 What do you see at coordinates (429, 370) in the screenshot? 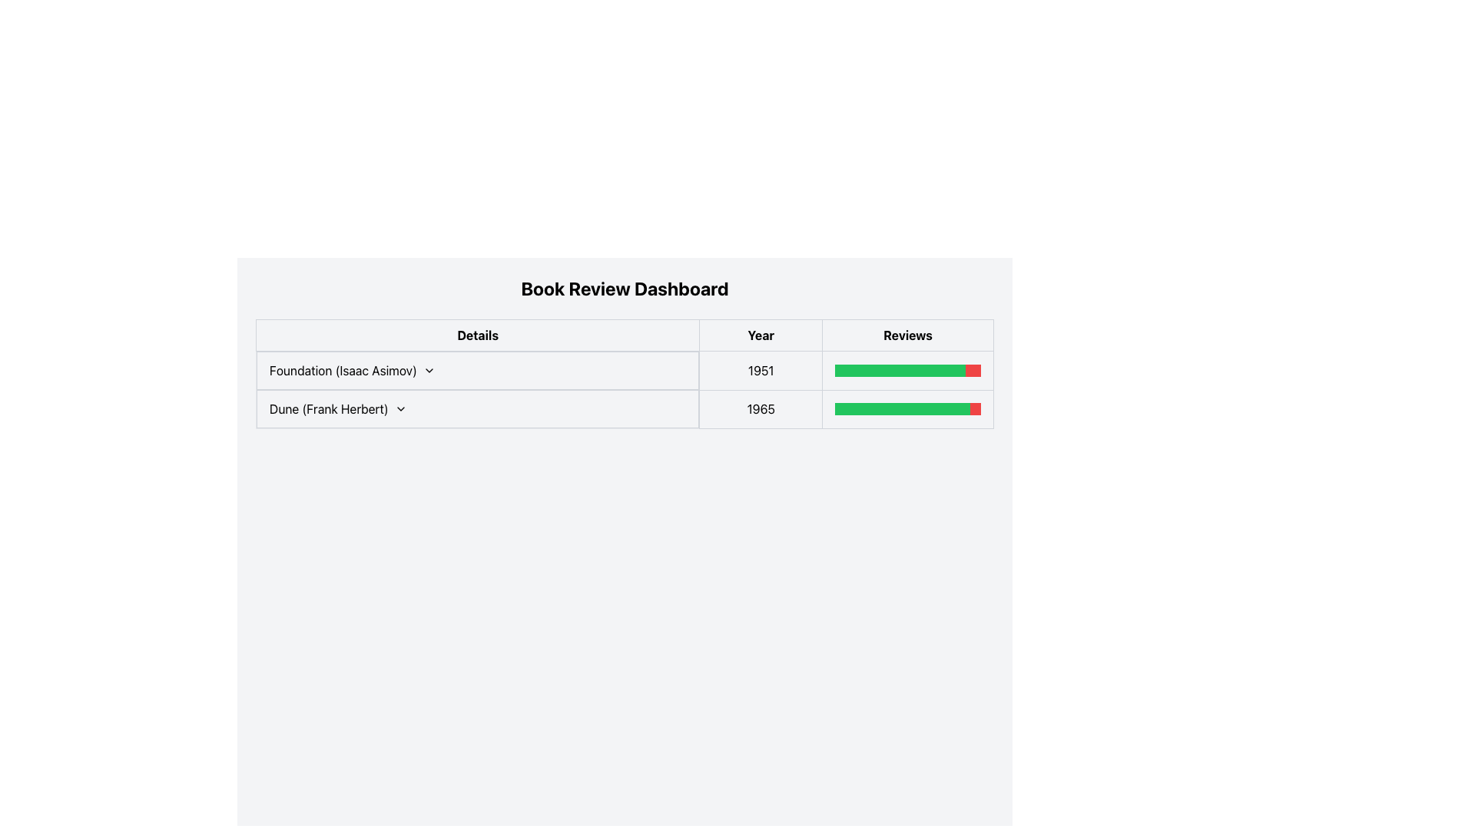
I see `the dropdown indicator icon located to the right of 'Foundation (Isaac Asimov)' in the first row under the 'Details' column of the table` at bounding box center [429, 370].